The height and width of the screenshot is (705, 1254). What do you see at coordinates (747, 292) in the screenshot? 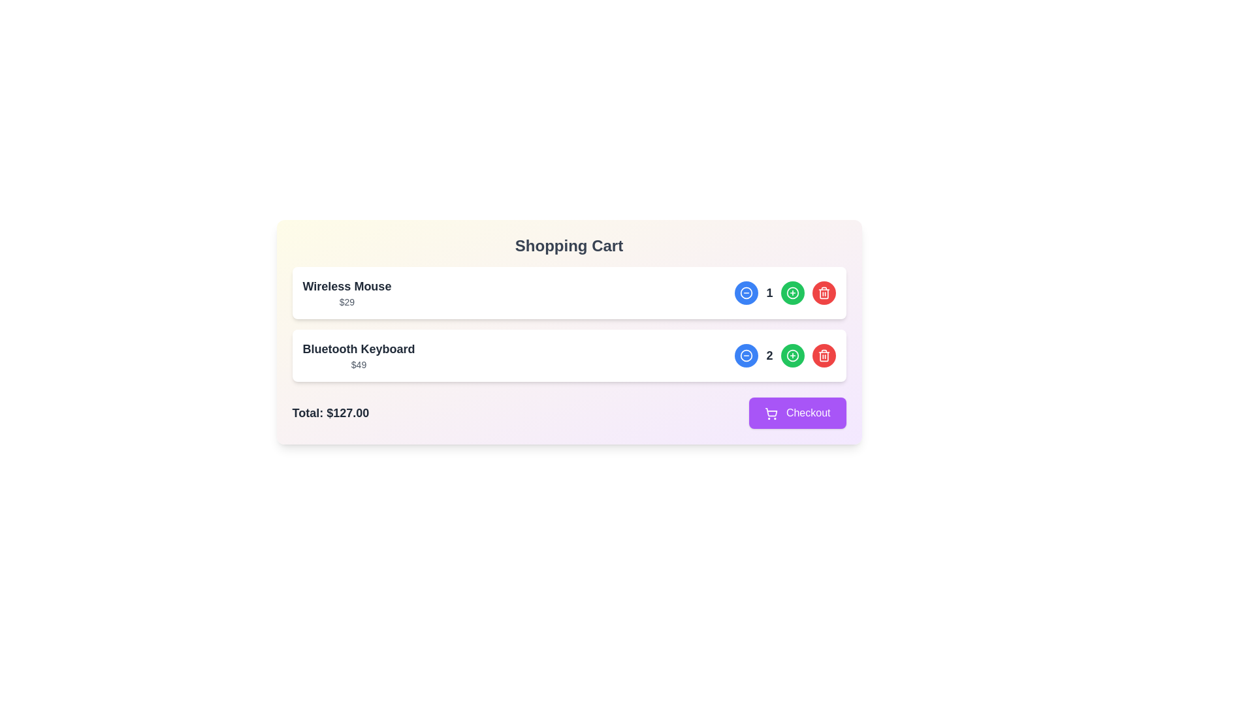
I see `the leftmost button that decreases the quantity of the 'Wireless Mouse' in the shopping cart for keyboard navigation` at bounding box center [747, 292].